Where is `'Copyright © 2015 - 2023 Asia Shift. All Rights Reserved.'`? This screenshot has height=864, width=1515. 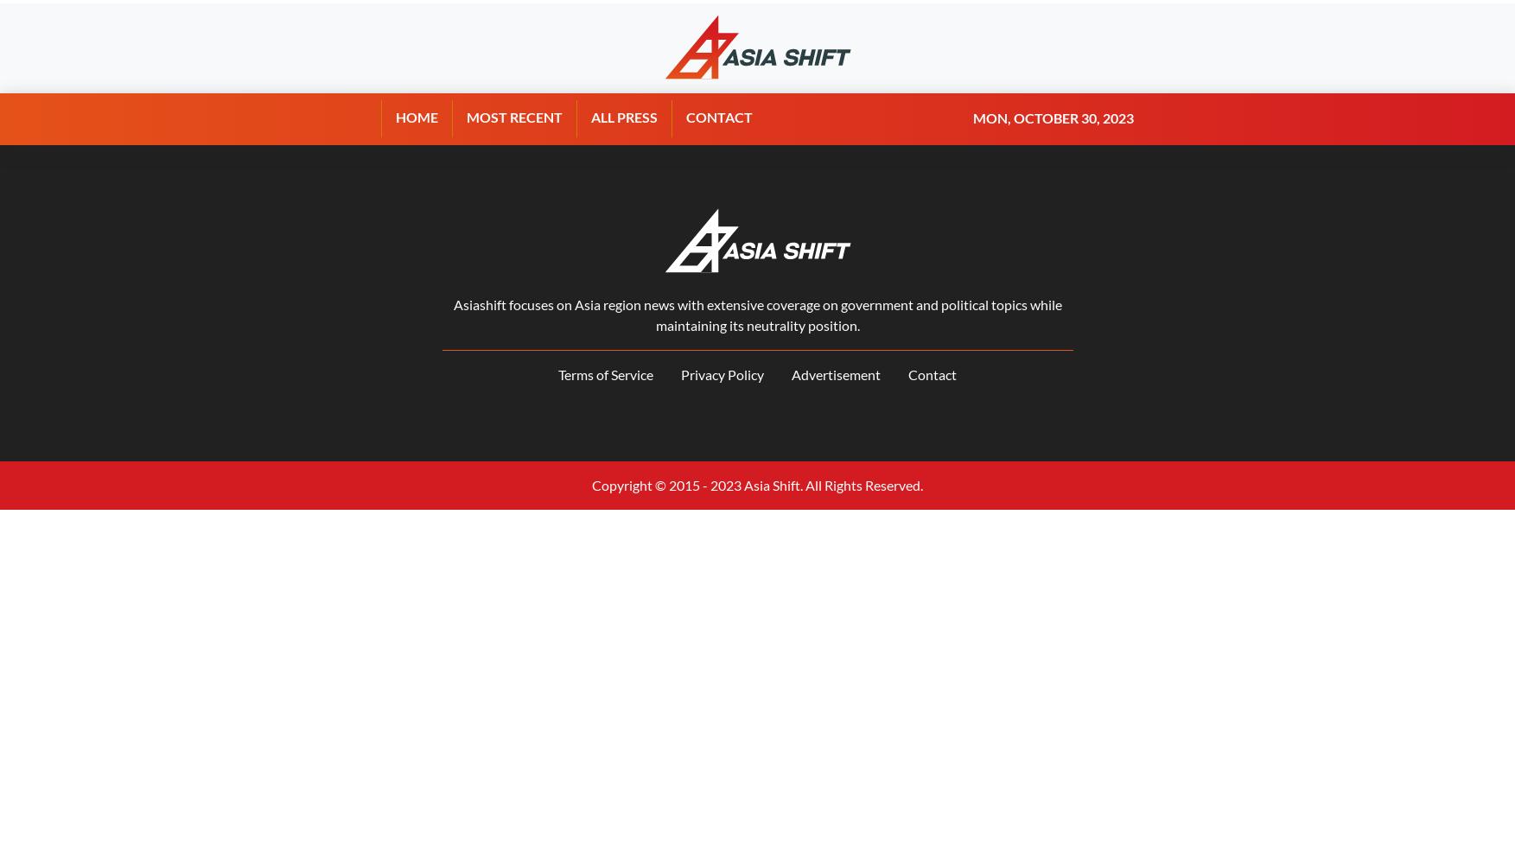
'Copyright © 2015 - 2023 Asia Shift. All Rights Reserved.' is located at coordinates (757, 485).